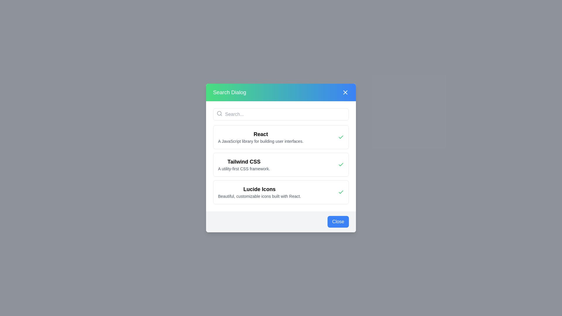  What do you see at coordinates (259, 192) in the screenshot?
I see `text description displayed in the informational text field for 'Lucide Icons' located in the third list entry of the options in the central modal dialog` at bounding box center [259, 192].